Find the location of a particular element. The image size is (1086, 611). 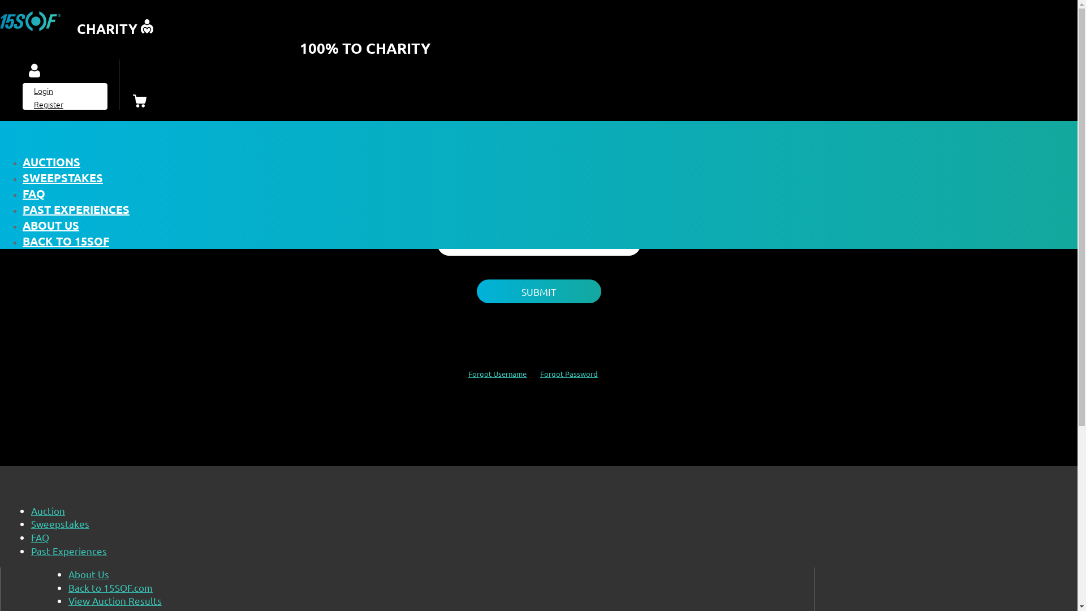

'BACK TO 15SOF' is located at coordinates (65, 240).